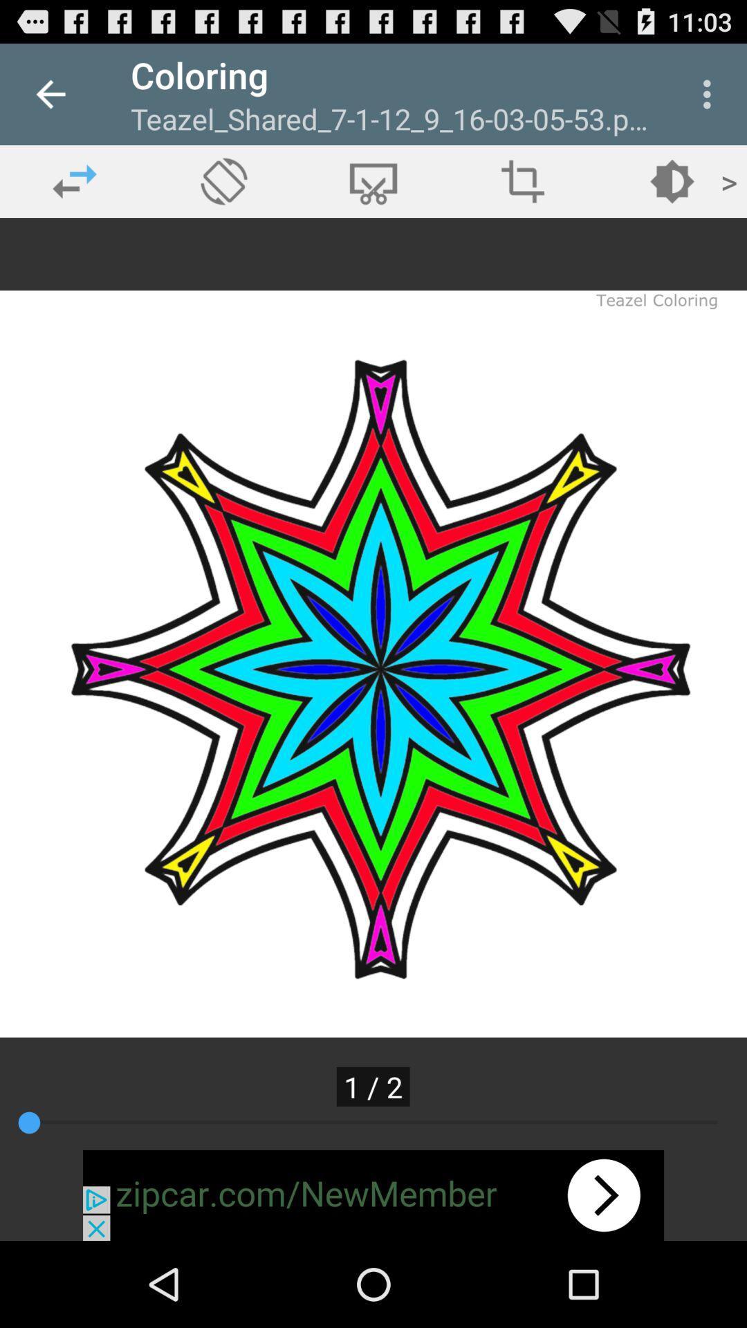 The width and height of the screenshot is (747, 1328). Describe the element at coordinates (223, 181) in the screenshot. I see `the volume icon` at that location.